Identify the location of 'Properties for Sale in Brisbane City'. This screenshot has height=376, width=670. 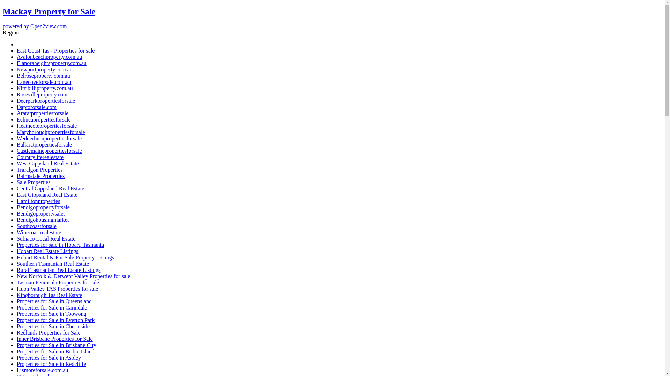
(57, 345).